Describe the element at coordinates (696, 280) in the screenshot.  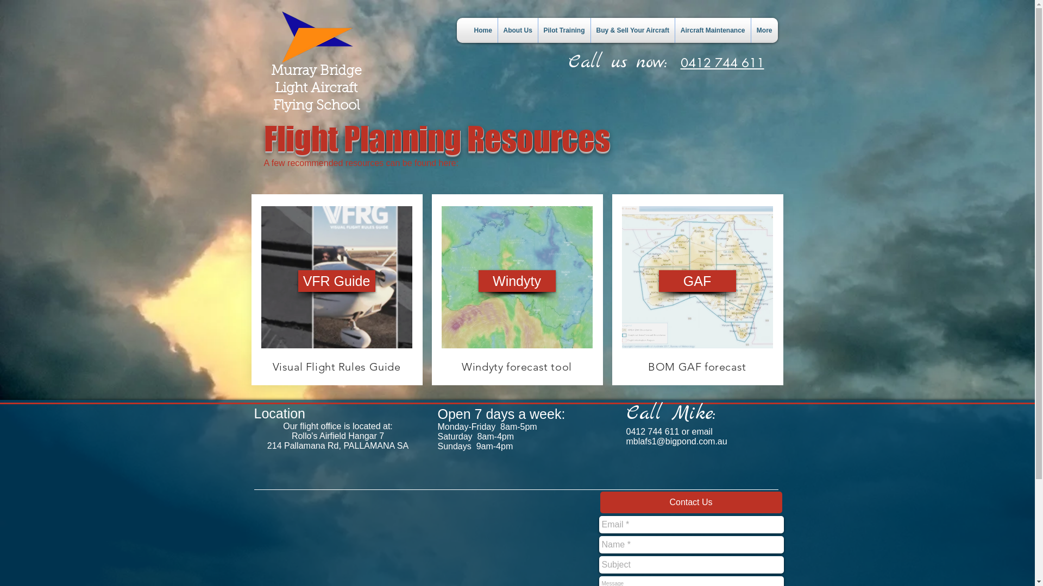
I see `'GAF'` at that location.